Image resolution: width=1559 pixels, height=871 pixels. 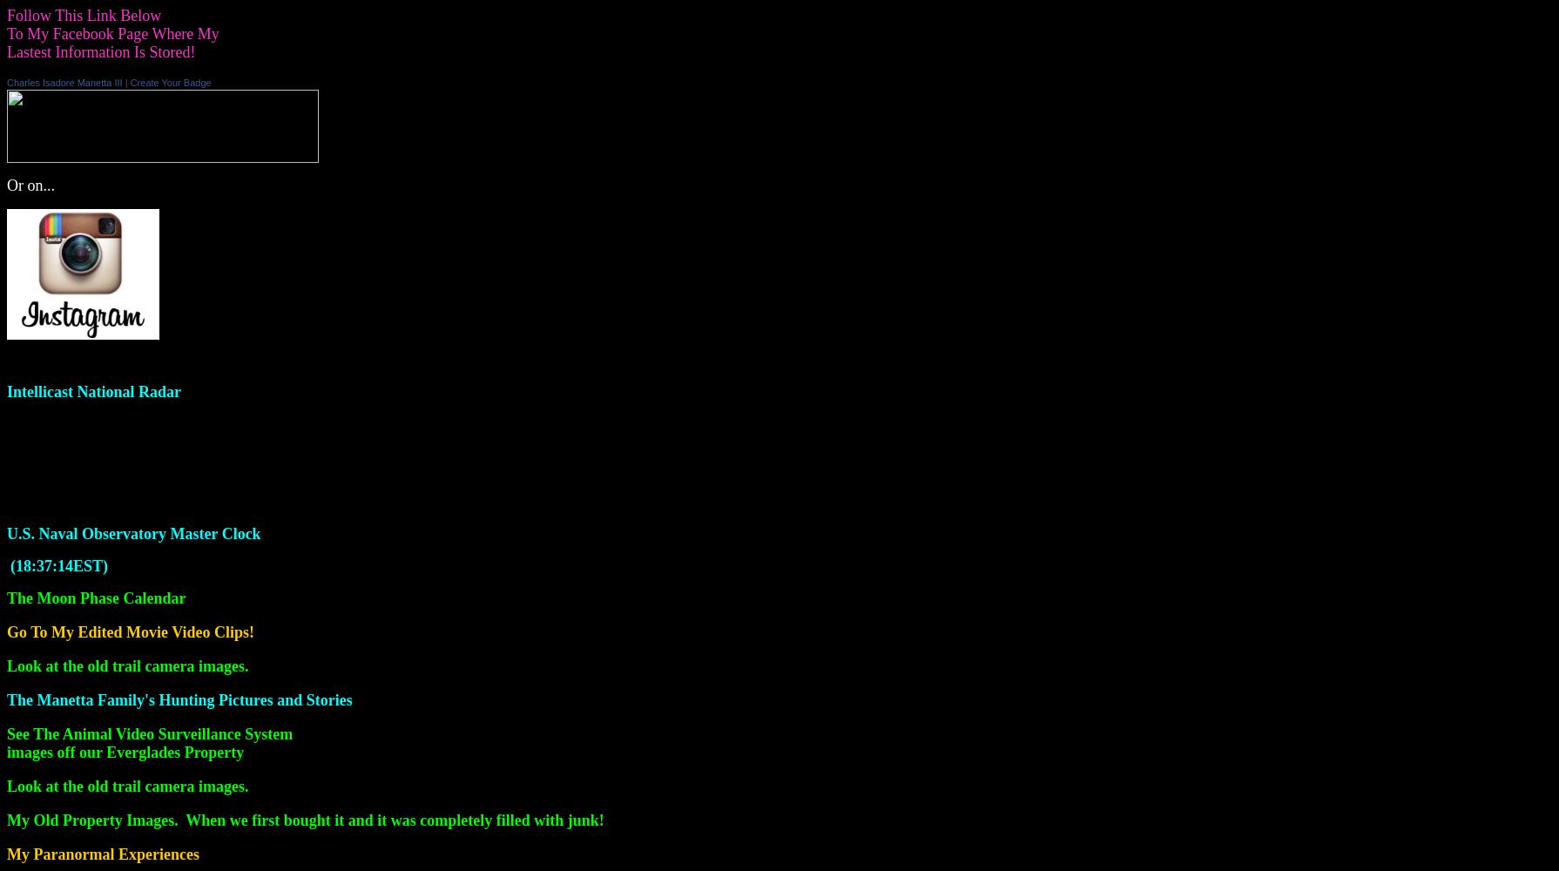 What do you see at coordinates (125, 752) in the screenshot?
I see `'images off our Everglades Property'` at bounding box center [125, 752].